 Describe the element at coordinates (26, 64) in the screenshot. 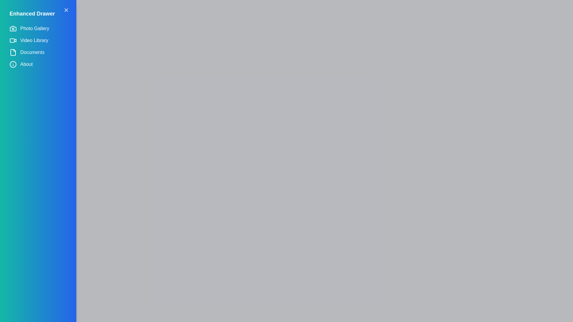

I see `the 'About' static text label, which is the fourth item in the vertical list of menu options in the sidebar, located below 'Documents'` at that location.